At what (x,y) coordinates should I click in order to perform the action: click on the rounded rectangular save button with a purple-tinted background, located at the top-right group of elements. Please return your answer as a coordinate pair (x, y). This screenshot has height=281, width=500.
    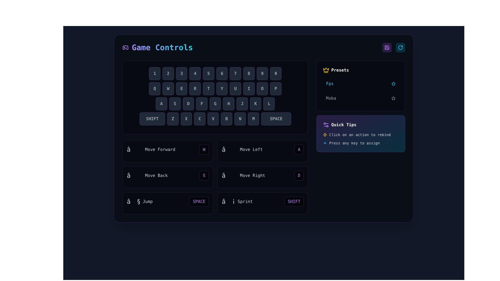
    Looking at the image, I should click on (387, 47).